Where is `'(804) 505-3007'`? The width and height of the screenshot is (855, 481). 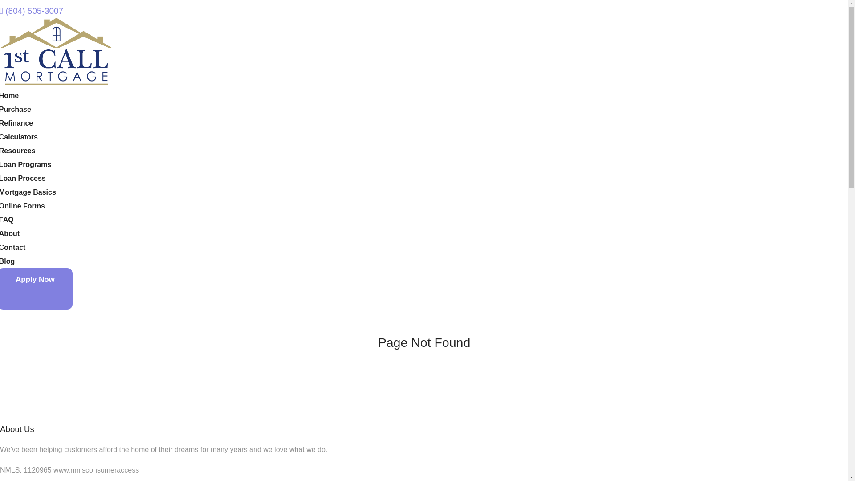 '(804) 505-3007' is located at coordinates (32, 11).